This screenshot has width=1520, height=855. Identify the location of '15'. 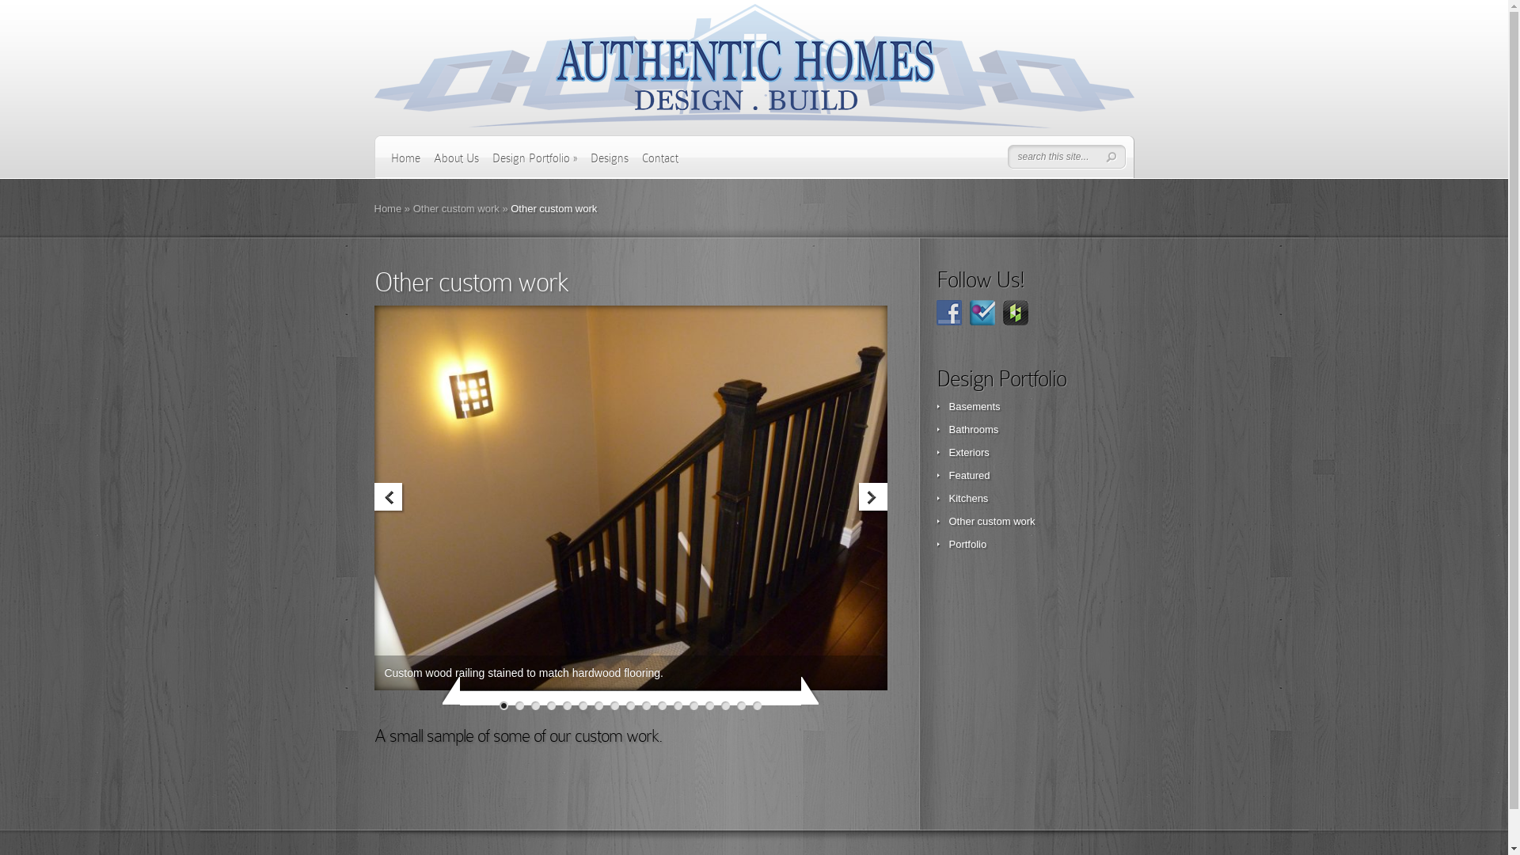
(724, 705).